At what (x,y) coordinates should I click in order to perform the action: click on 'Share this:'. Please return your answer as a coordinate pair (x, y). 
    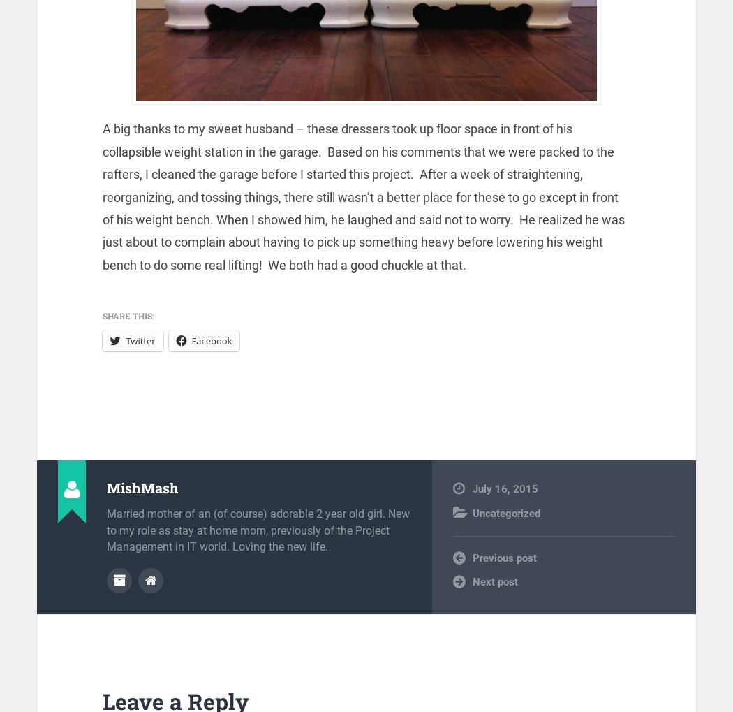
    Looking at the image, I should click on (128, 316).